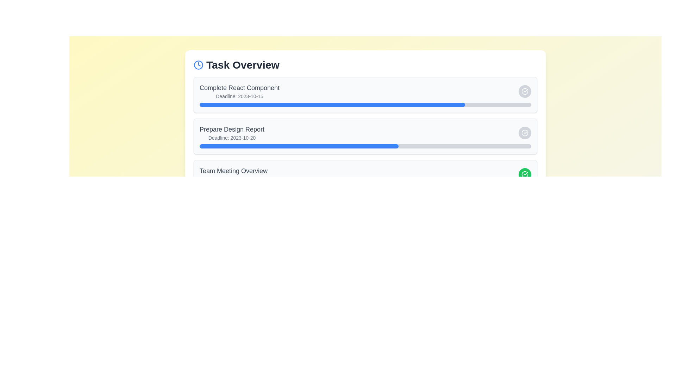  What do you see at coordinates (299, 146) in the screenshot?
I see `the blue progress indicator located within the second progress bar for the 'Prepare Design Report' task, which is a non-interactive visual element` at bounding box center [299, 146].